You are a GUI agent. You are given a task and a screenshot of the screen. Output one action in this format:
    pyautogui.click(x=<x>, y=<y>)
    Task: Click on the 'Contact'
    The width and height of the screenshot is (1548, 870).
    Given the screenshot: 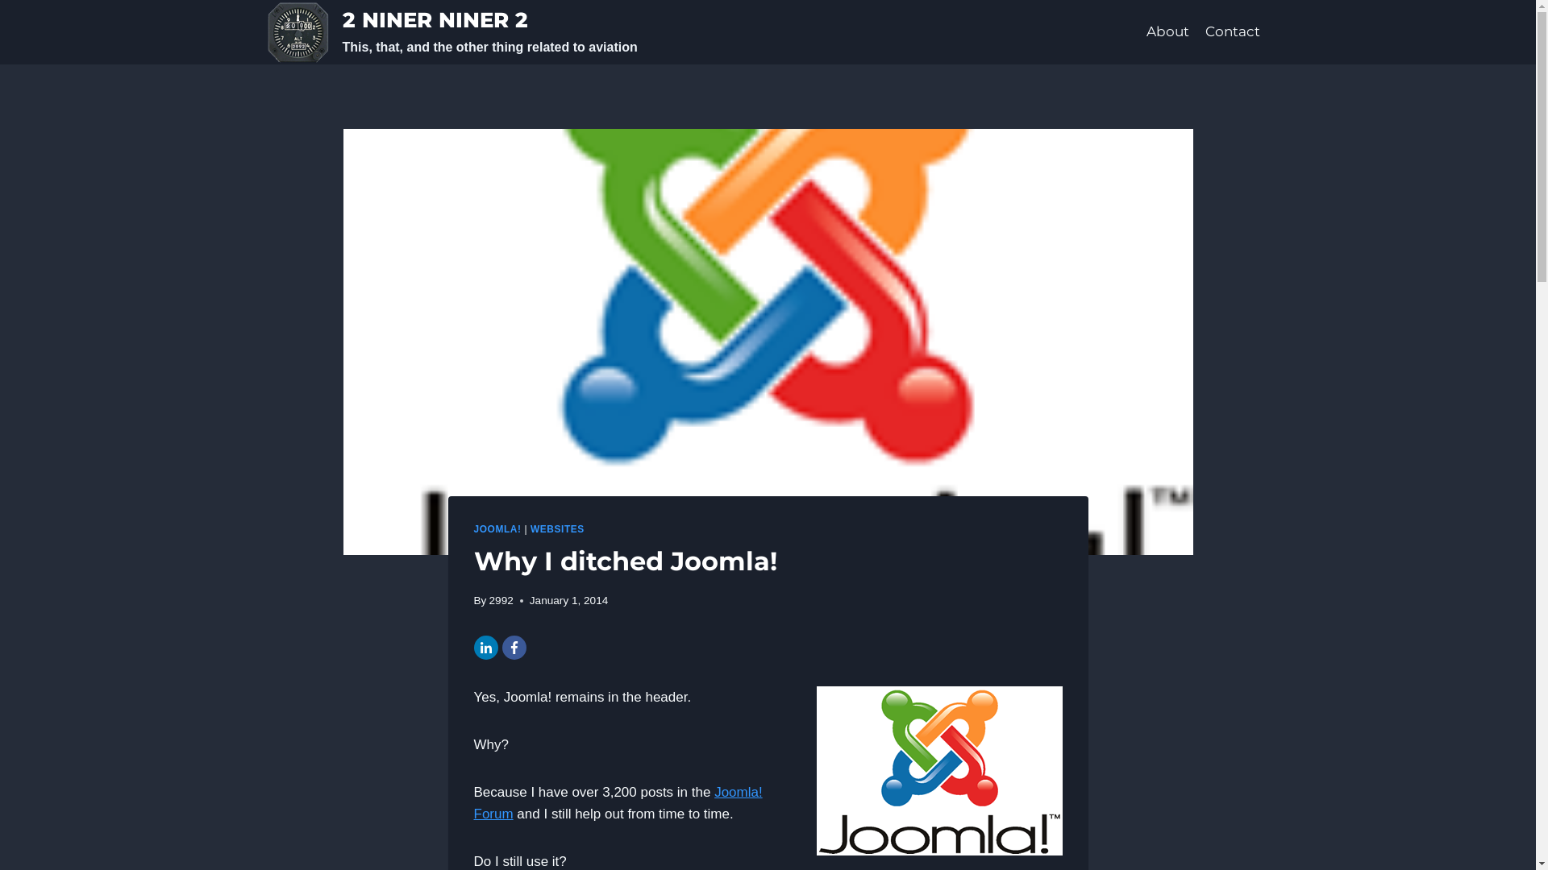 What is the action you would take?
    pyautogui.click(x=1232, y=31)
    